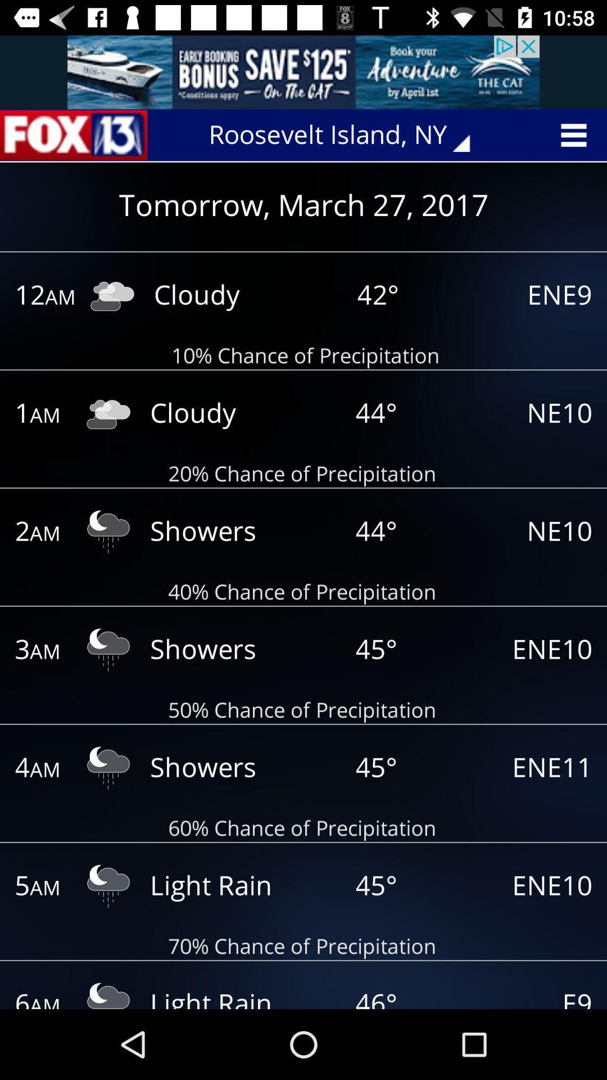  What do you see at coordinates (74, 135) in the screenshot?
I see `news site` at bounding box center [74, 135].